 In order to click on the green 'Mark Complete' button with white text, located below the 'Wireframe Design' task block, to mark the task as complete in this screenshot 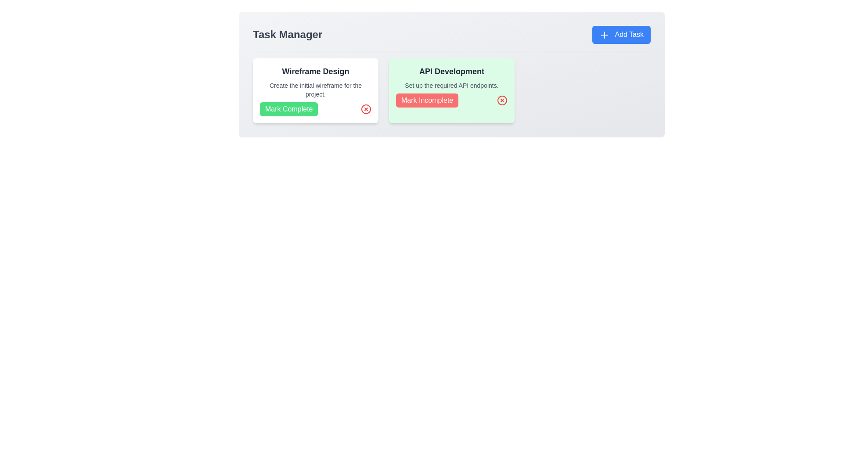, I will do `click(289, 108)`.